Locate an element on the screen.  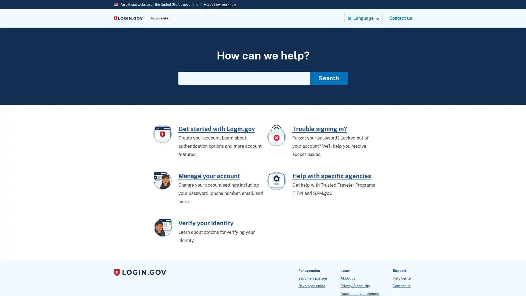
Language is located at coordinates (363, 18).